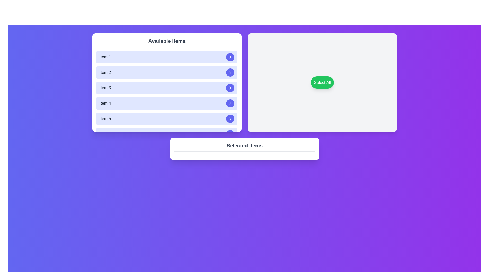 The height and width of the screenshot is (277, 494). Describe the element at coordinates (167, 72) in the screenshot. I see `the second selectable list item in the 'Available Items' list` at that location.